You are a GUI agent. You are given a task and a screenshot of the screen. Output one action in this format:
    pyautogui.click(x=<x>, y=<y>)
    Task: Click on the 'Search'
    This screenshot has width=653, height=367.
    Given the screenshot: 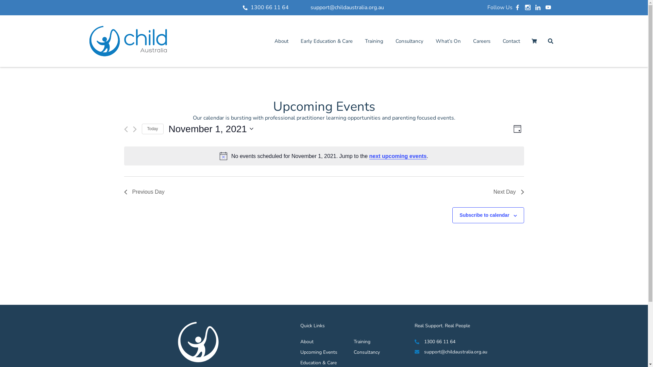 What is the action you would take?
    pyautogui.click(x=550, y=41)
    